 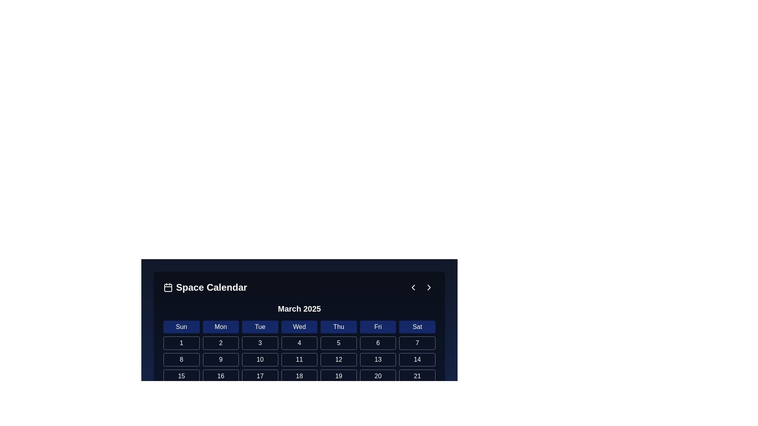 What do you see at coordinates (181, 327) in the screenshot?
I see `the Sunday header label in the calendar view, which is positioned at the top-left corner of the grid layout representing the days of the week` at bounding box center [181, 327].